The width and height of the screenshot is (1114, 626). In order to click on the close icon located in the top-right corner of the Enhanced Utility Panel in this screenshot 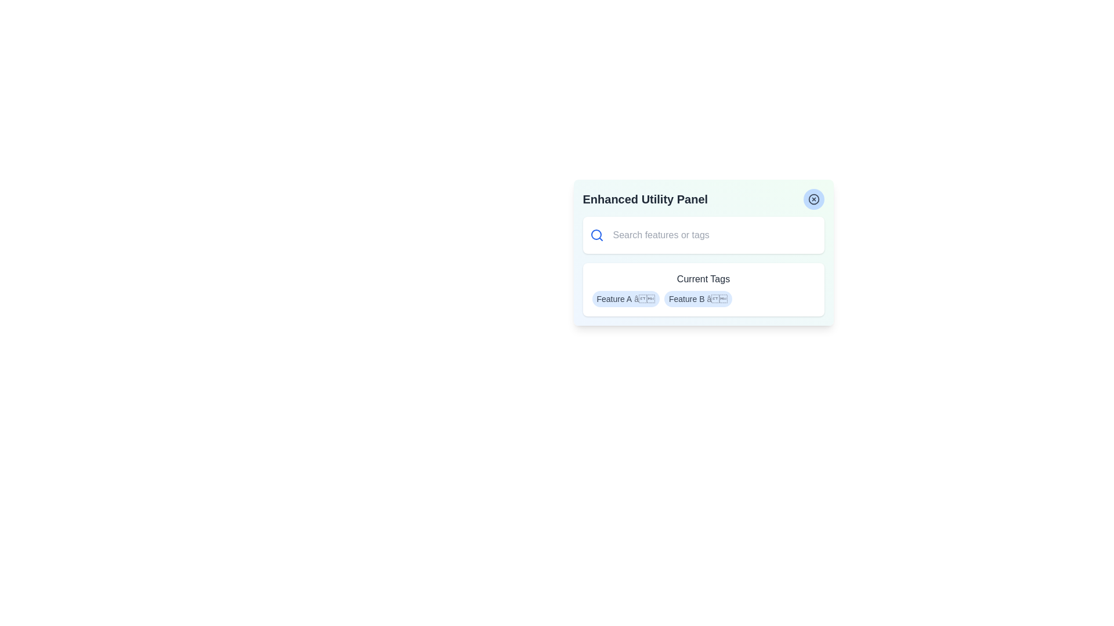, I will do `click(813, 198)`.